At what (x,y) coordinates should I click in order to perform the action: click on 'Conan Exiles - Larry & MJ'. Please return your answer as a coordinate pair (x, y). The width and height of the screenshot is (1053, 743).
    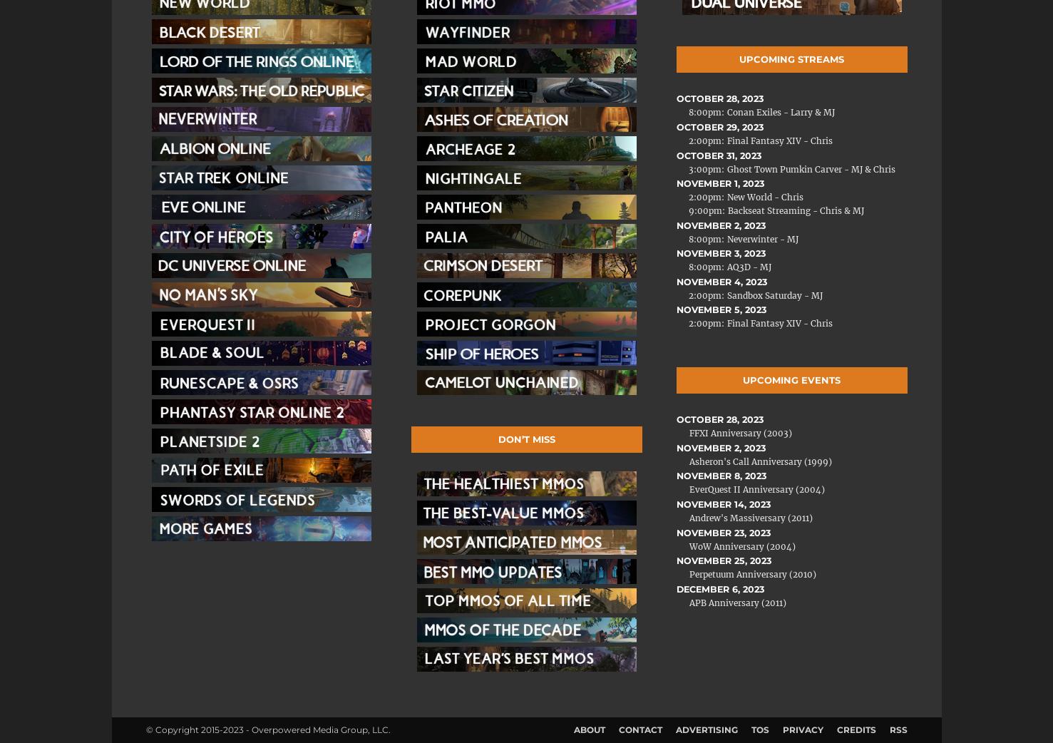
    Looking at the image, I should click on (780, 112).